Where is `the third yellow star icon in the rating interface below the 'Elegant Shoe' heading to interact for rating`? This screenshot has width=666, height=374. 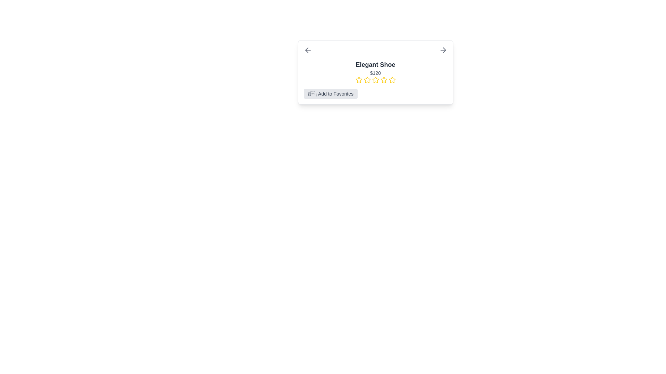 the third yellow star icon in the rating interface below the 'Elegant Shoe' heading to interact for rating is located at coordinates (367, 80).